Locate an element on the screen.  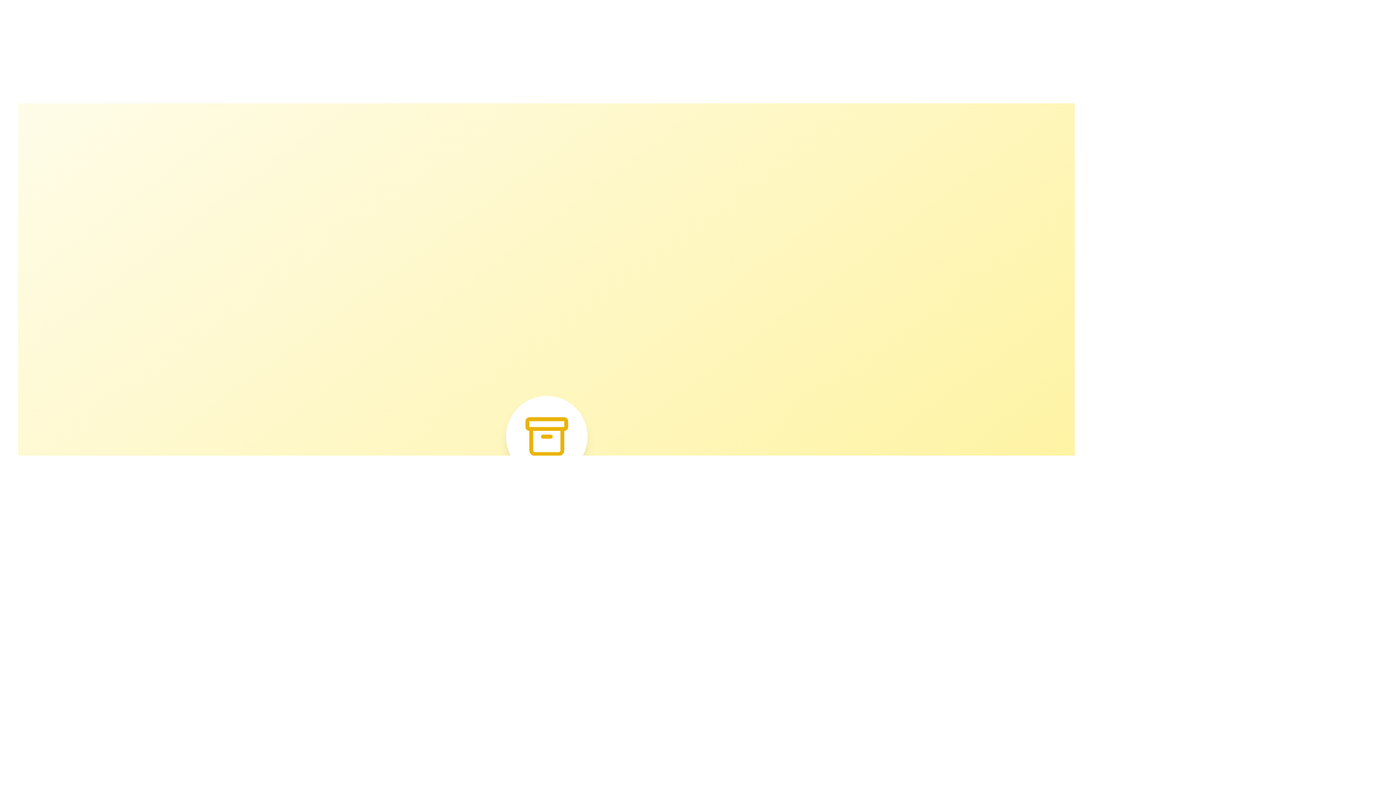
the archive icon, which is centrally located within a white circular background on a light yellow background is located at coordinates (545, 436).